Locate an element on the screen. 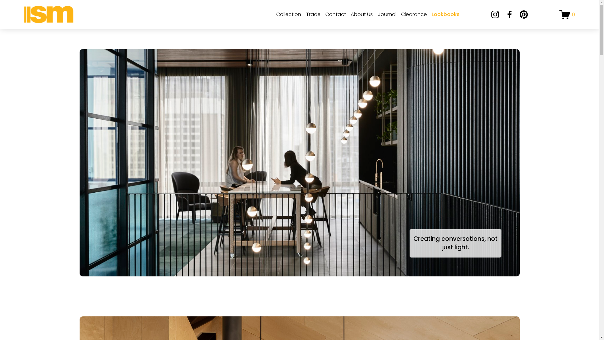  'Collection' is located at coordinates (276, 14).